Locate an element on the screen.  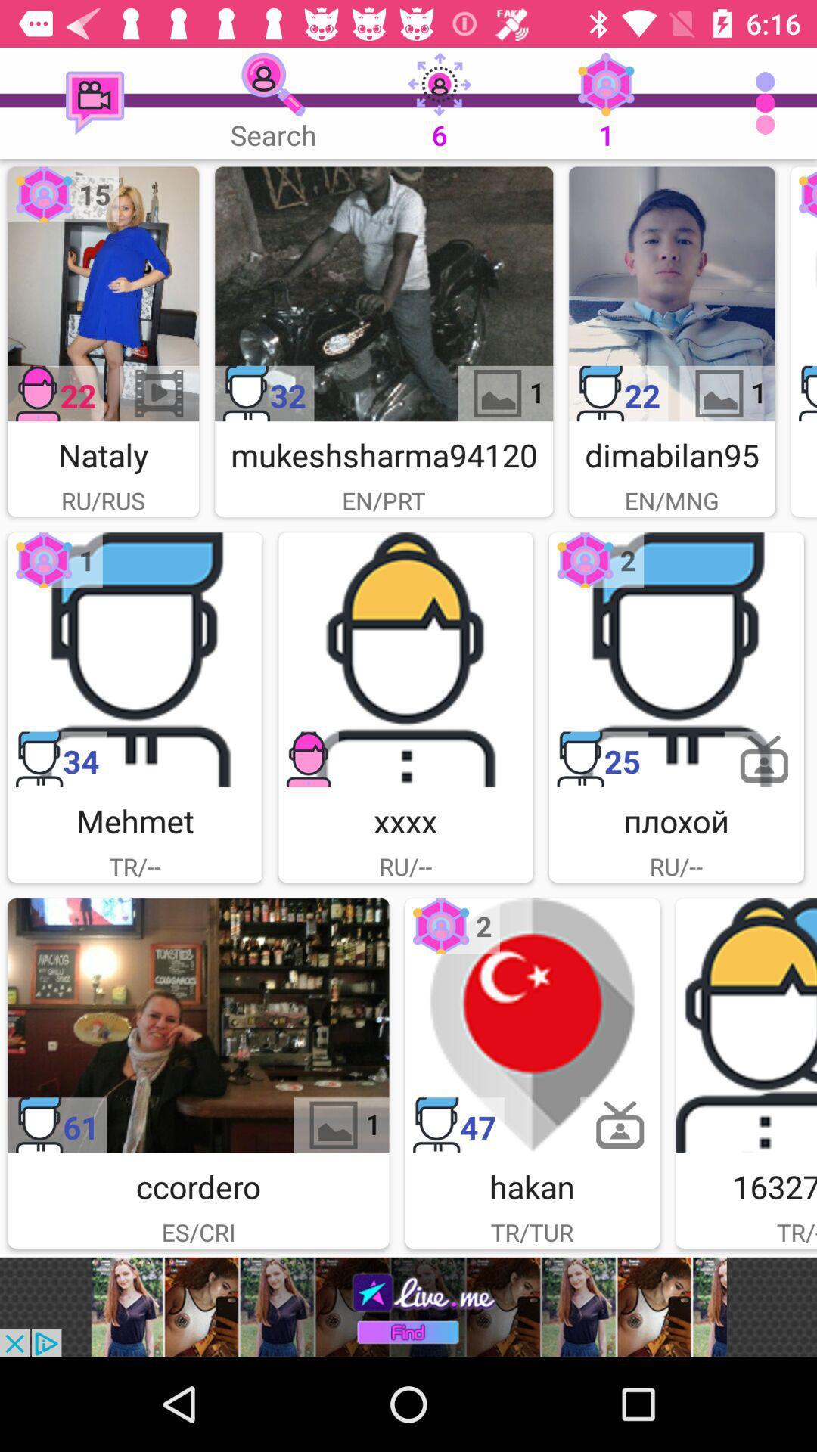
selection choice is located at coordinates (676, 659).